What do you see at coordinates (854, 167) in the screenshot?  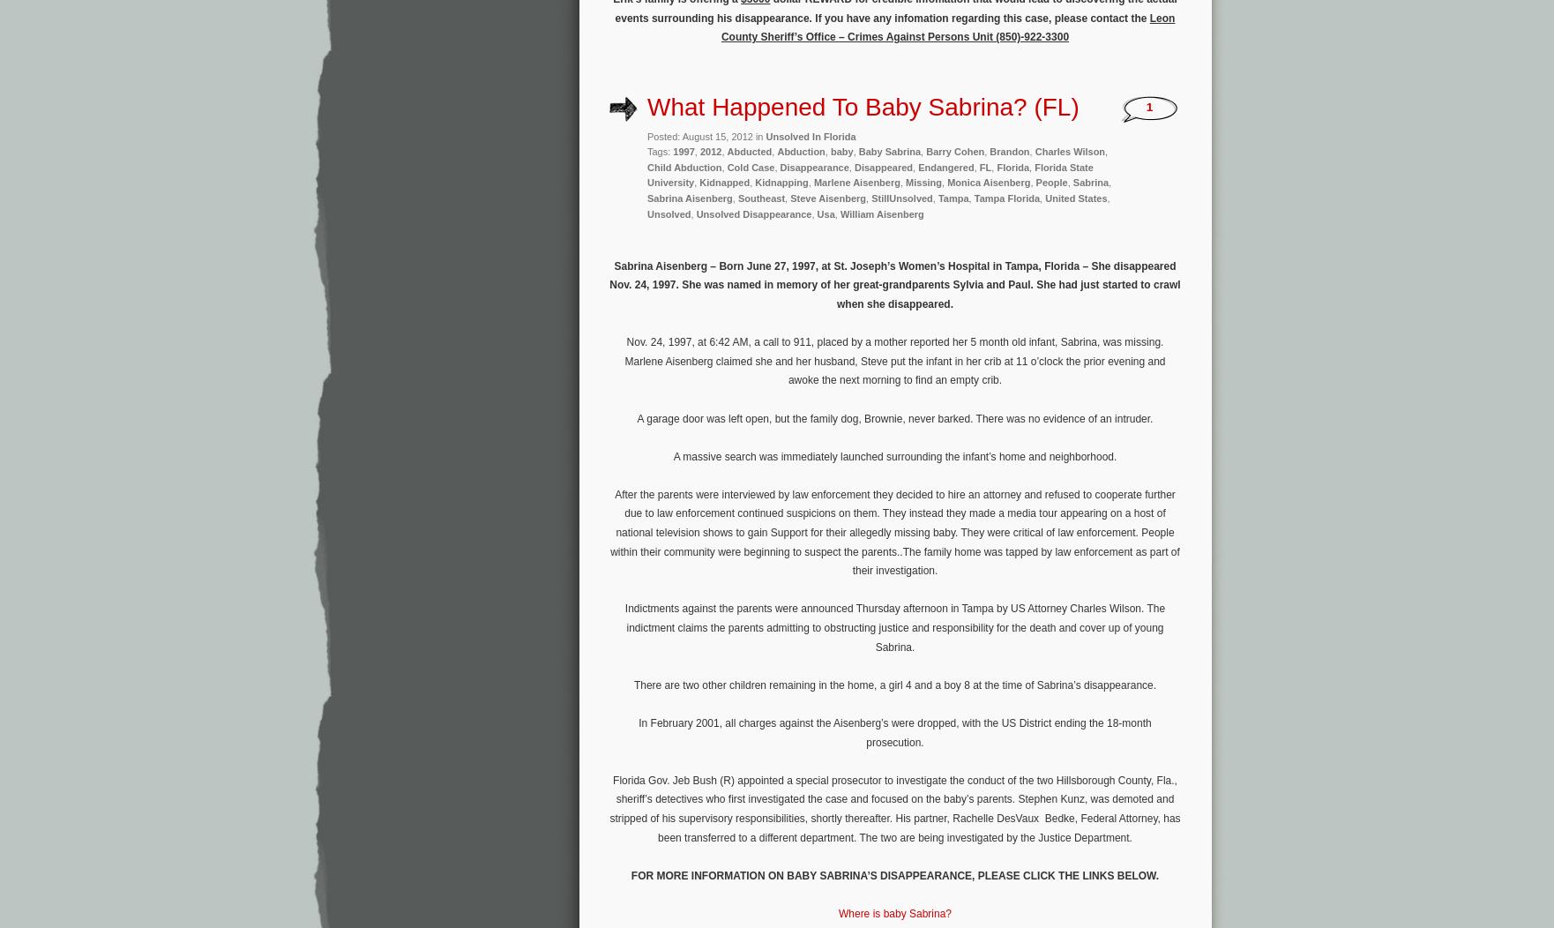 I see `'Disappeared'` at bounding box center [854, 167].